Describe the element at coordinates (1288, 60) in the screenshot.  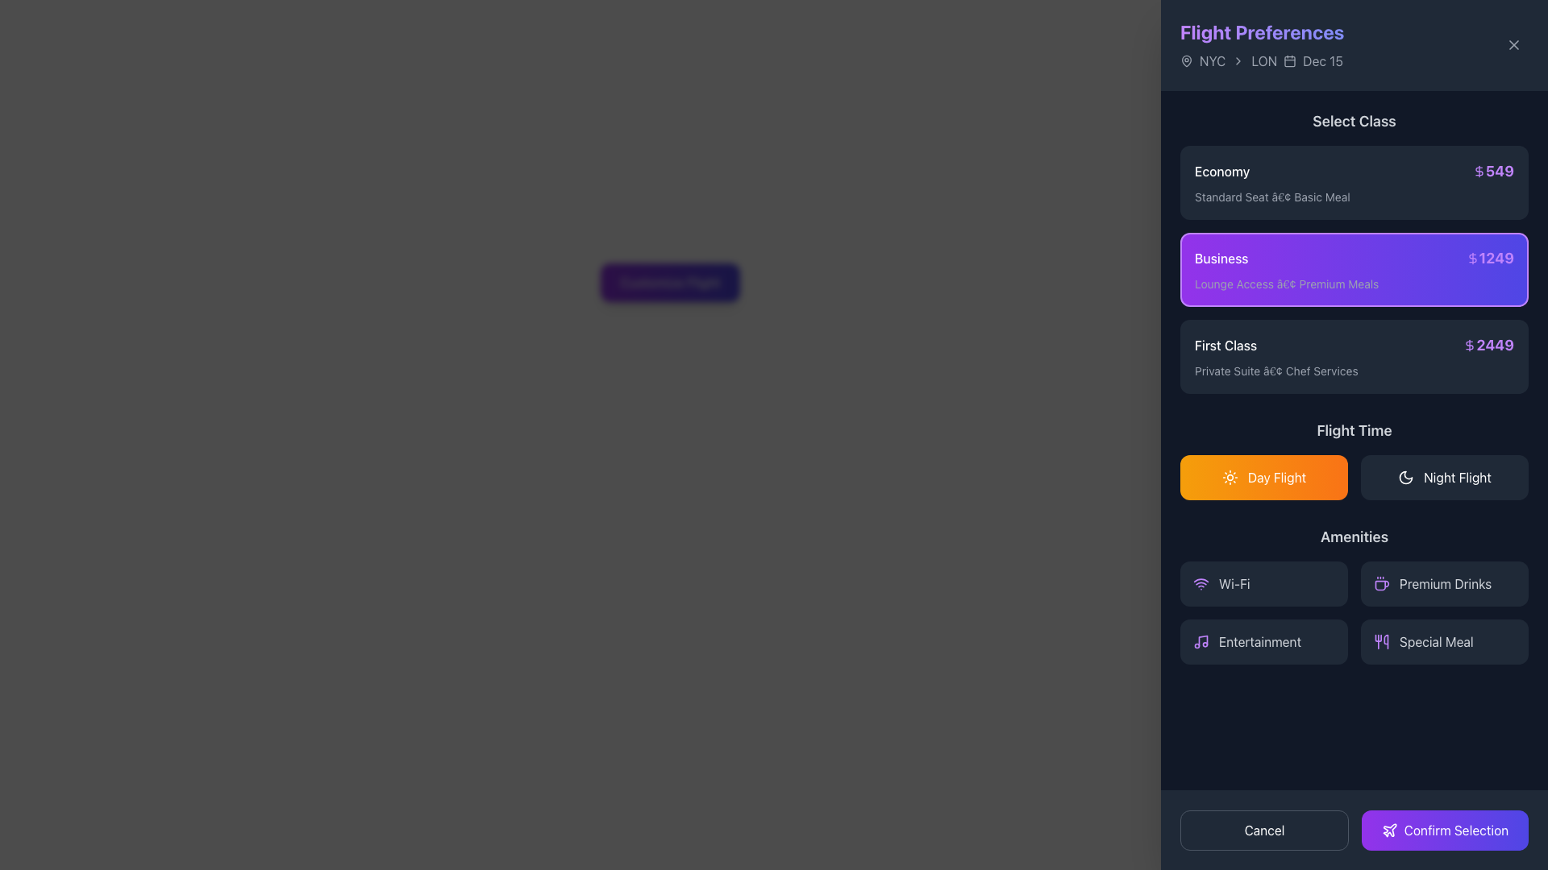
I see `the calendar icon located in the header section of the sidebar, positioned to the right of 'NYC' and 'LON', and before 'Dec 15'` at that location.